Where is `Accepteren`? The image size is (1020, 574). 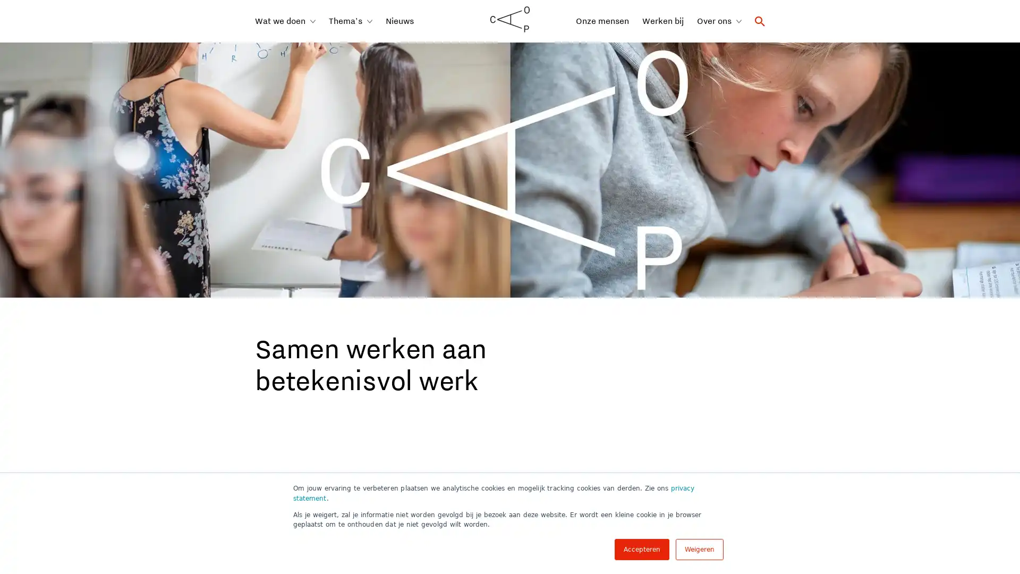 Accepteren is located at coordinates (641, 549).